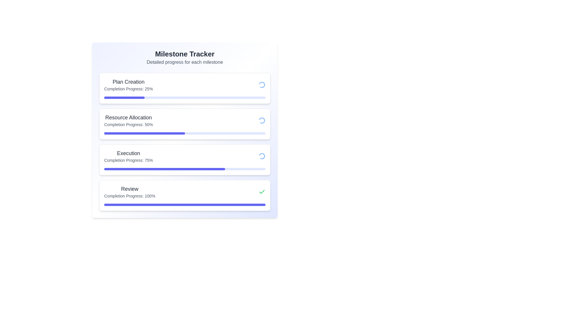 The width and height of the screenshot is (562, 316). I want to click on the Progress Indicator located on the far-right side of the 'Plan Creation' section in the 'Milestone Tracker' interface, which indicates that the 'Plan Creation' milestone is currently in progress or pending completion, so click(261, 85).